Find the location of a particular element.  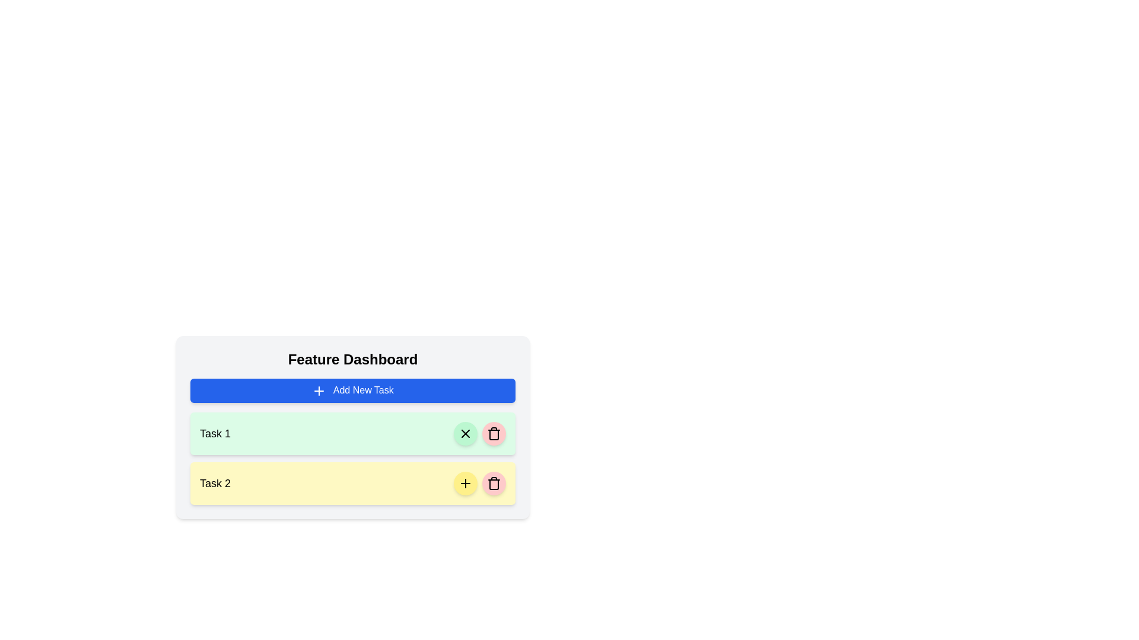

the delete button, which is the second button from the left in the horizontal layout associated with 'Task 1' on the dashboard, to provide additional visual feedback is located at coordinates (494, 433).